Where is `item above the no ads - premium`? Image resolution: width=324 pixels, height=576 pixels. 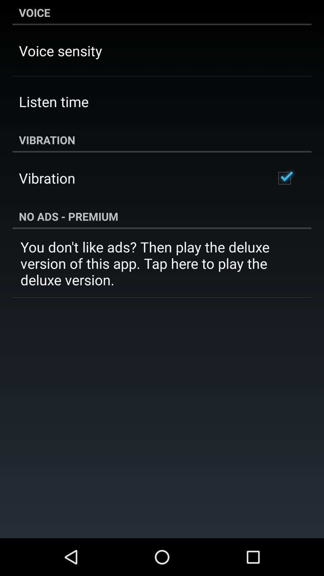
item above the no ads - premium is located at coordinates (284, 178).